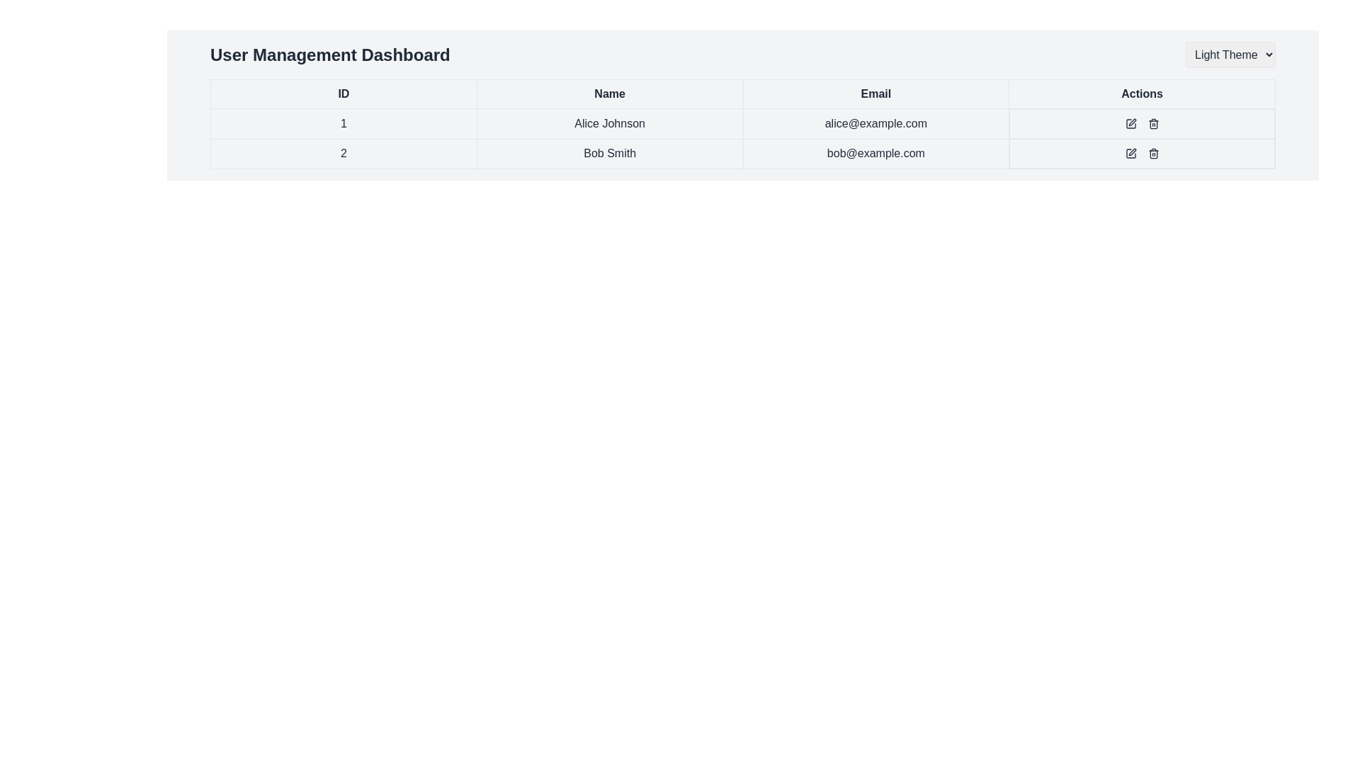 The width and height of the screenshot is (1360, 765). What do you see at coordinates (344, 123) in the screenshot?
I see `the table cell in the first row and first column under the 'ID' header` at bounding box center [344, 123].